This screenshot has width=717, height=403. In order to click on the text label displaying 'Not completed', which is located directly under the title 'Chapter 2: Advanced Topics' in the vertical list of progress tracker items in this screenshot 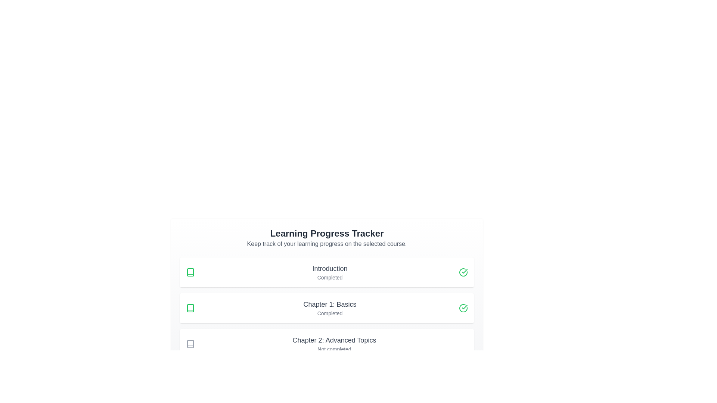, I will do `click(334, 349)`.